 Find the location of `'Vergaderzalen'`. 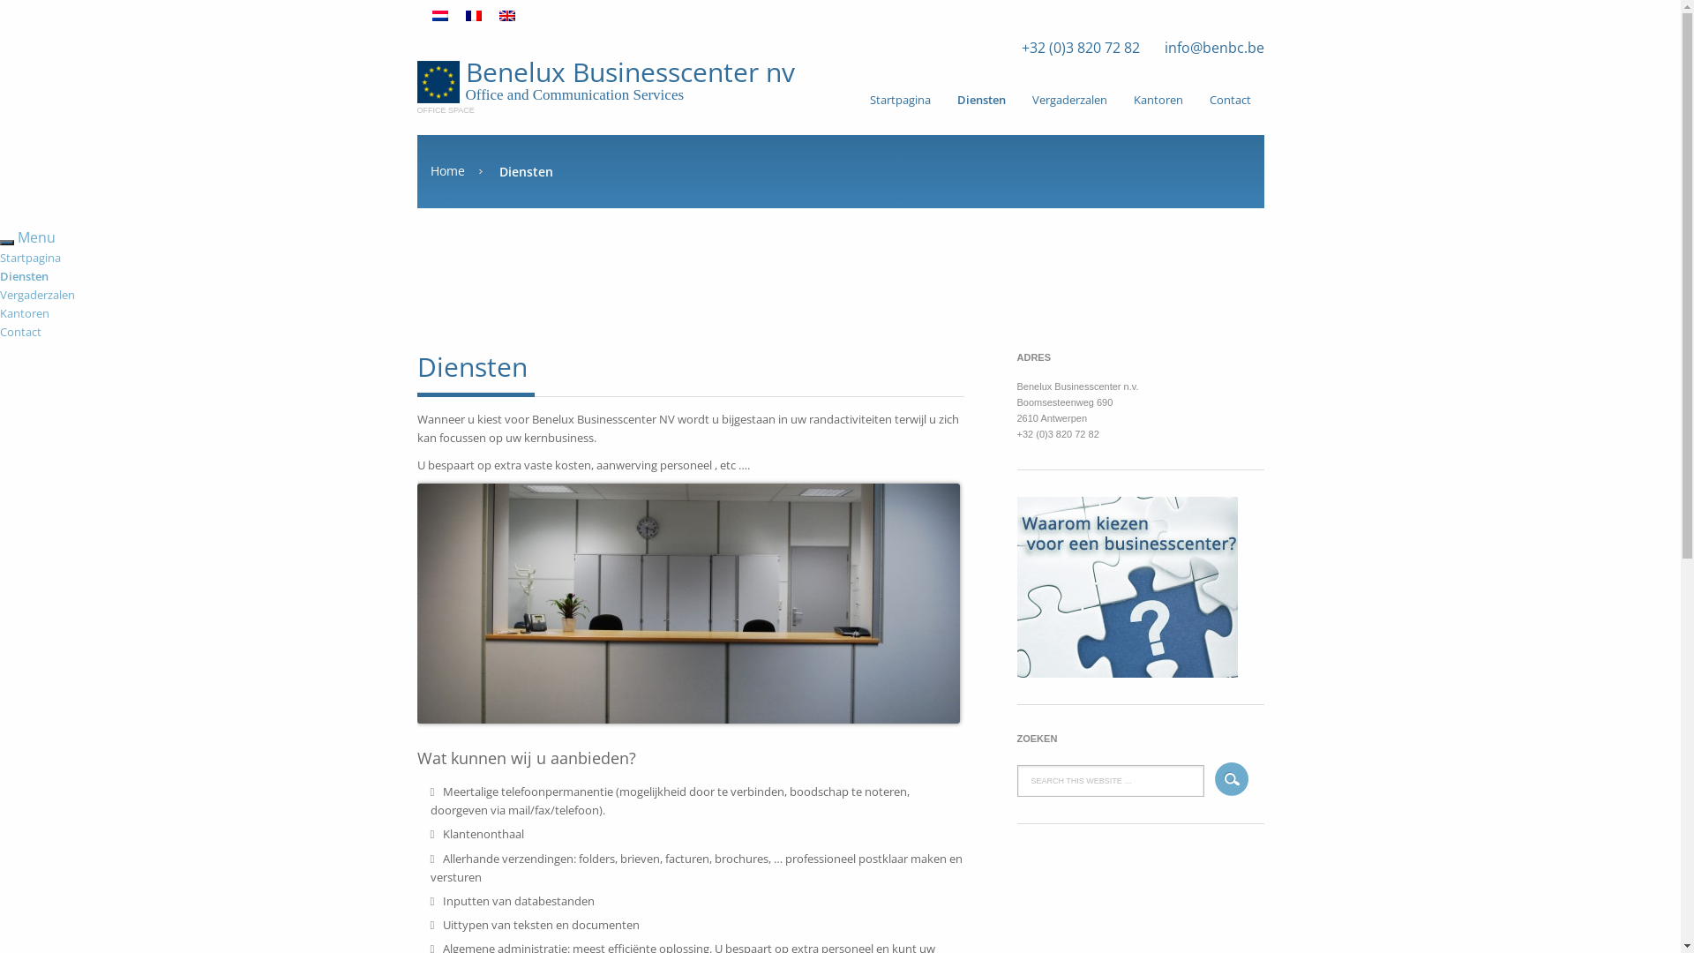

'Vergaderzalen' is located at coordinates (0, 294).